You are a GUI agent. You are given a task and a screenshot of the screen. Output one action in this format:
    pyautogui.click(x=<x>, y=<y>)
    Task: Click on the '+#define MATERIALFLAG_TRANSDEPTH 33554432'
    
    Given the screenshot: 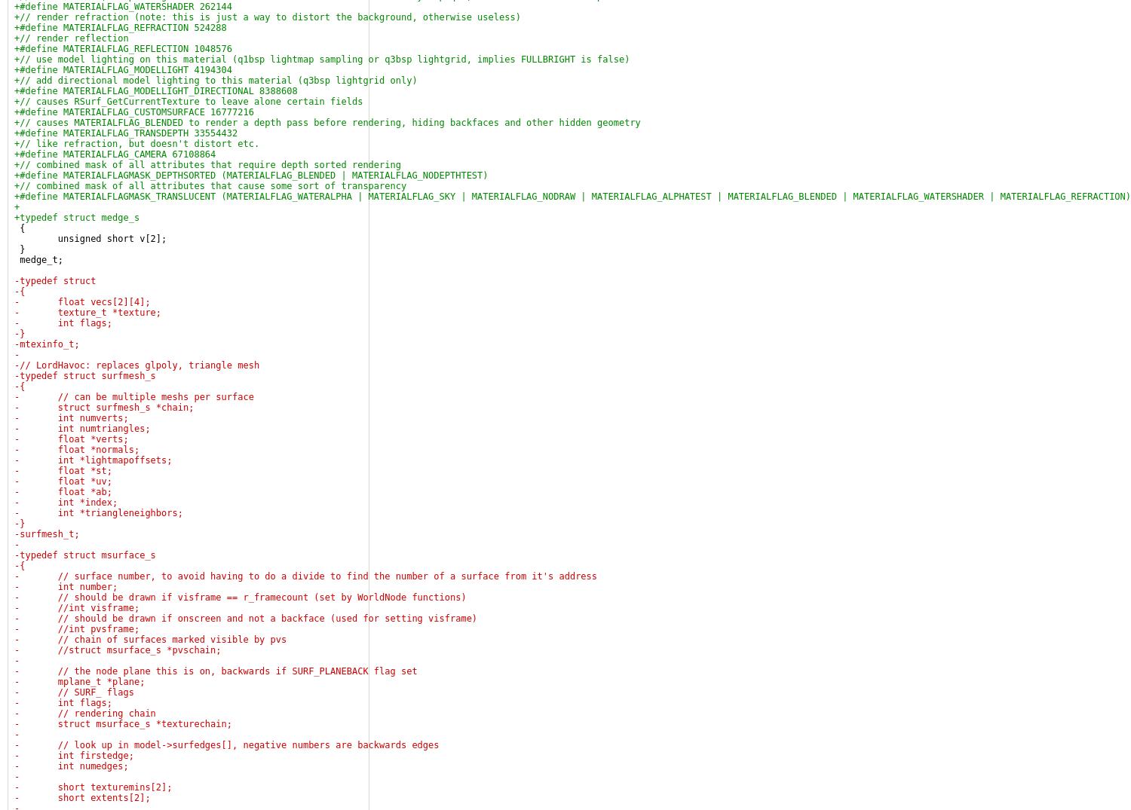 What is the action you would take?
    pyautogui.click(x=14, y=133)
    